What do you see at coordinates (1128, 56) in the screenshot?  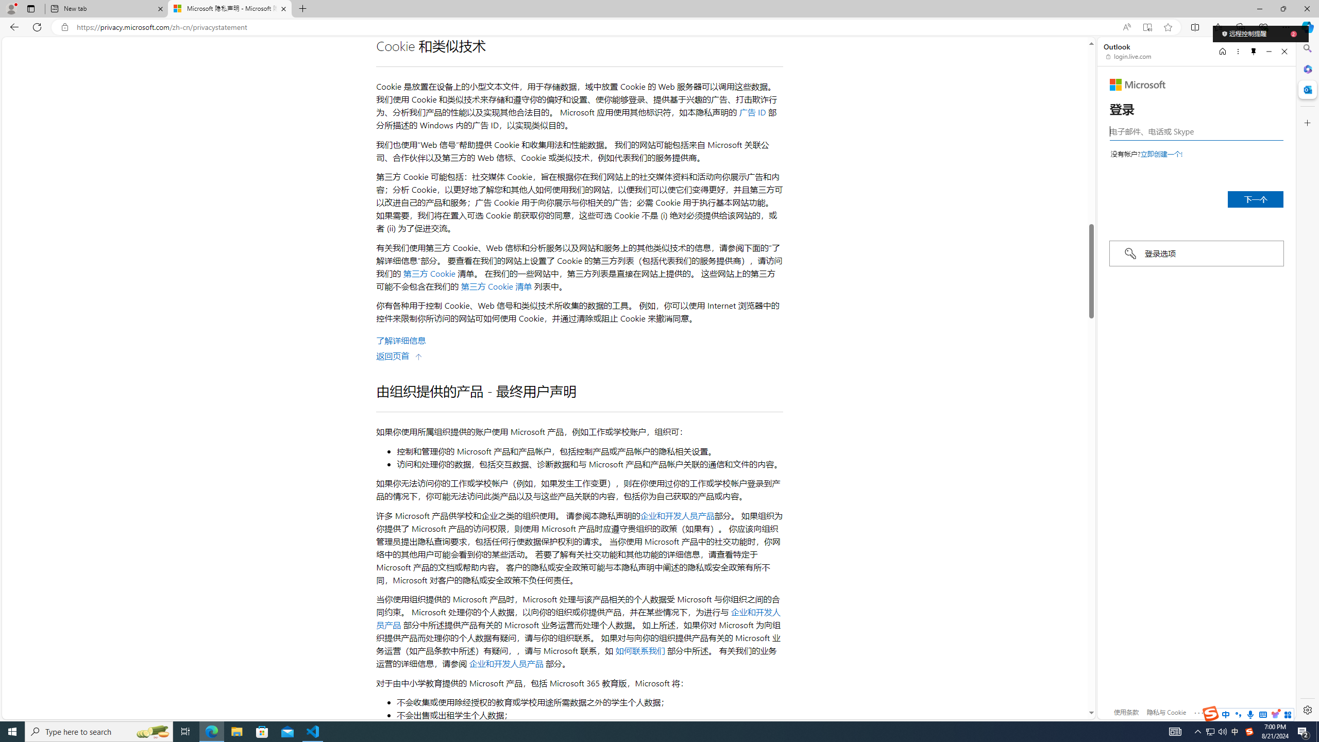 I see `'login.live.com'` at bounding box center [1128, 56].